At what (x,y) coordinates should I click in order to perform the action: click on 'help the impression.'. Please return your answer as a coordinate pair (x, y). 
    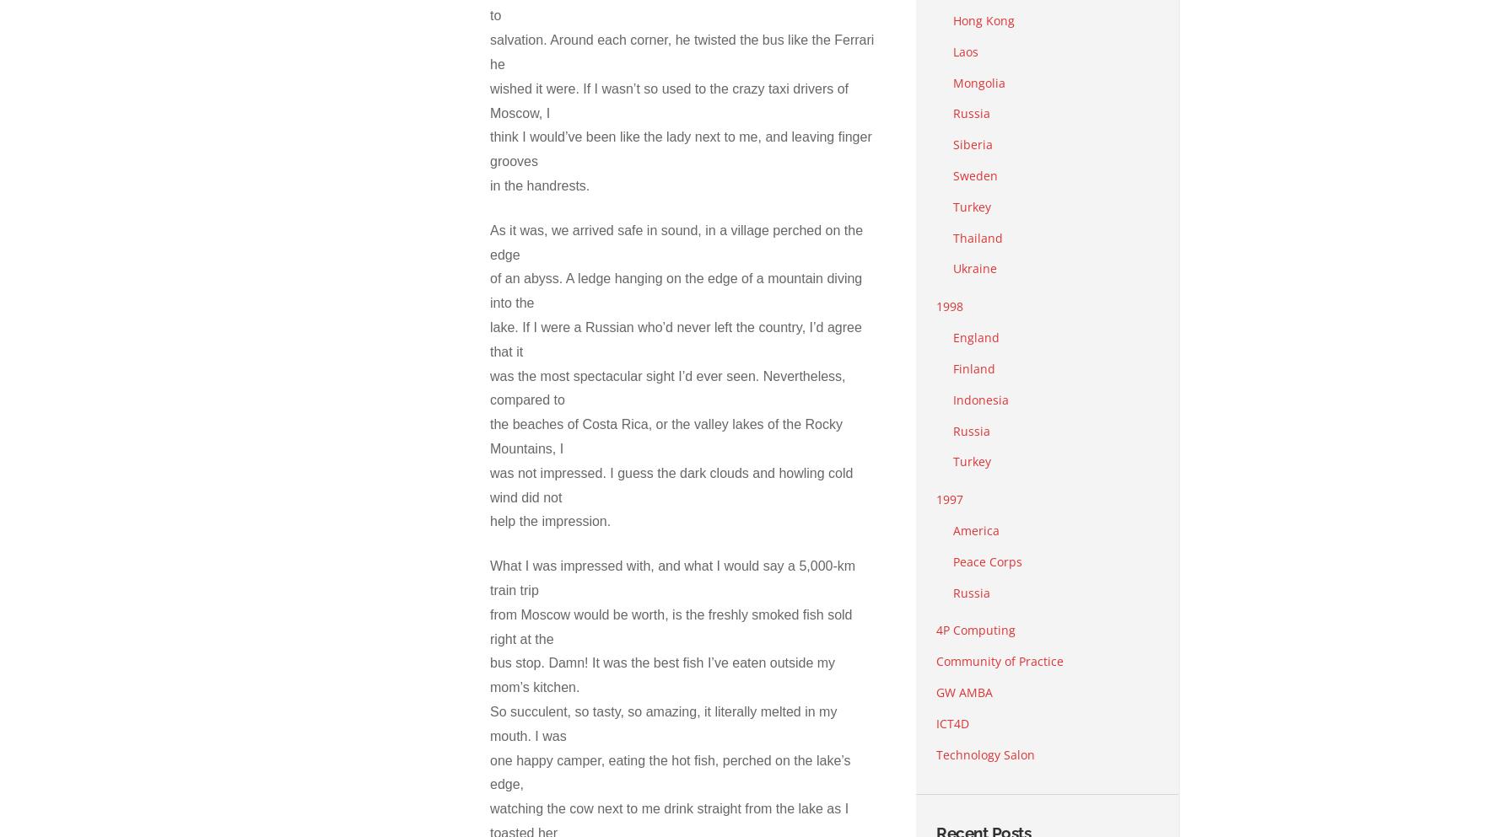
    Looking at the image, I should click on (489, 520).